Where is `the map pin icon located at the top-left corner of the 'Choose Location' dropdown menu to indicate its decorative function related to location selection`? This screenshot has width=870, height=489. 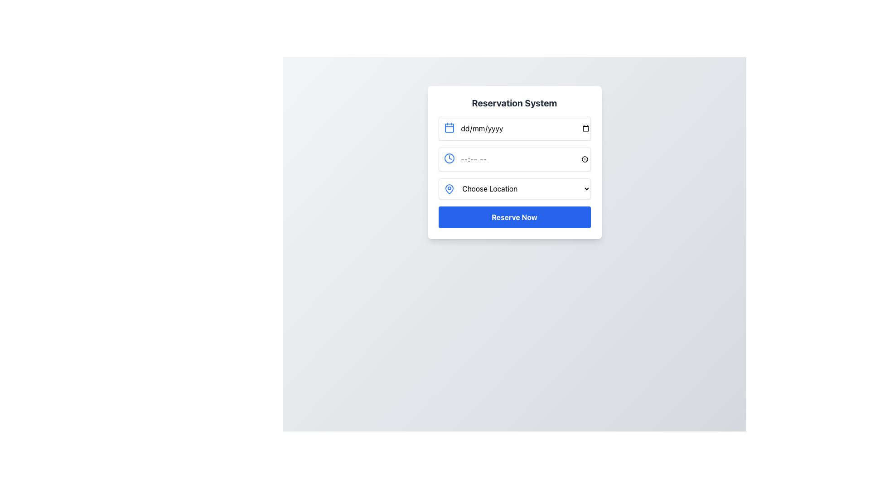
the map pin icon located at the top-left corner of the 'Choose Location' dropdown menu to indicate its decorative function related to location selection is located at coordinates (449, 188).